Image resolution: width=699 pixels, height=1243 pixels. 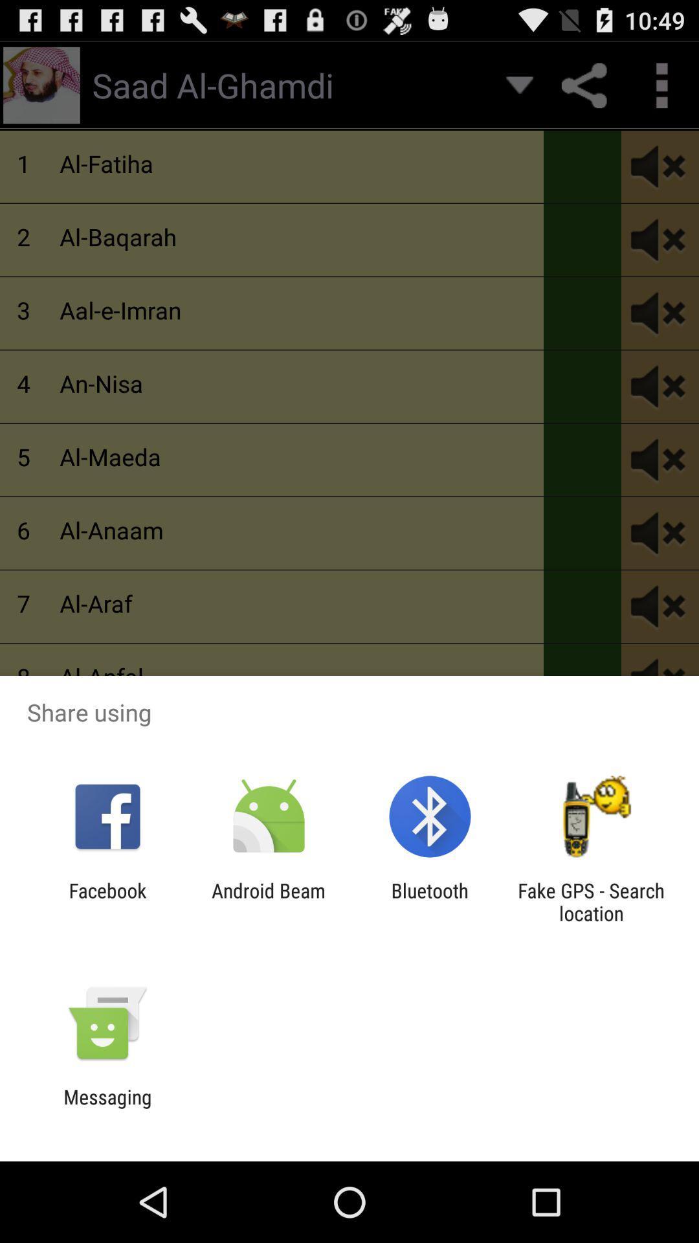 I want to click on app to the right of bluetooth app, so click(x=591, y=901).